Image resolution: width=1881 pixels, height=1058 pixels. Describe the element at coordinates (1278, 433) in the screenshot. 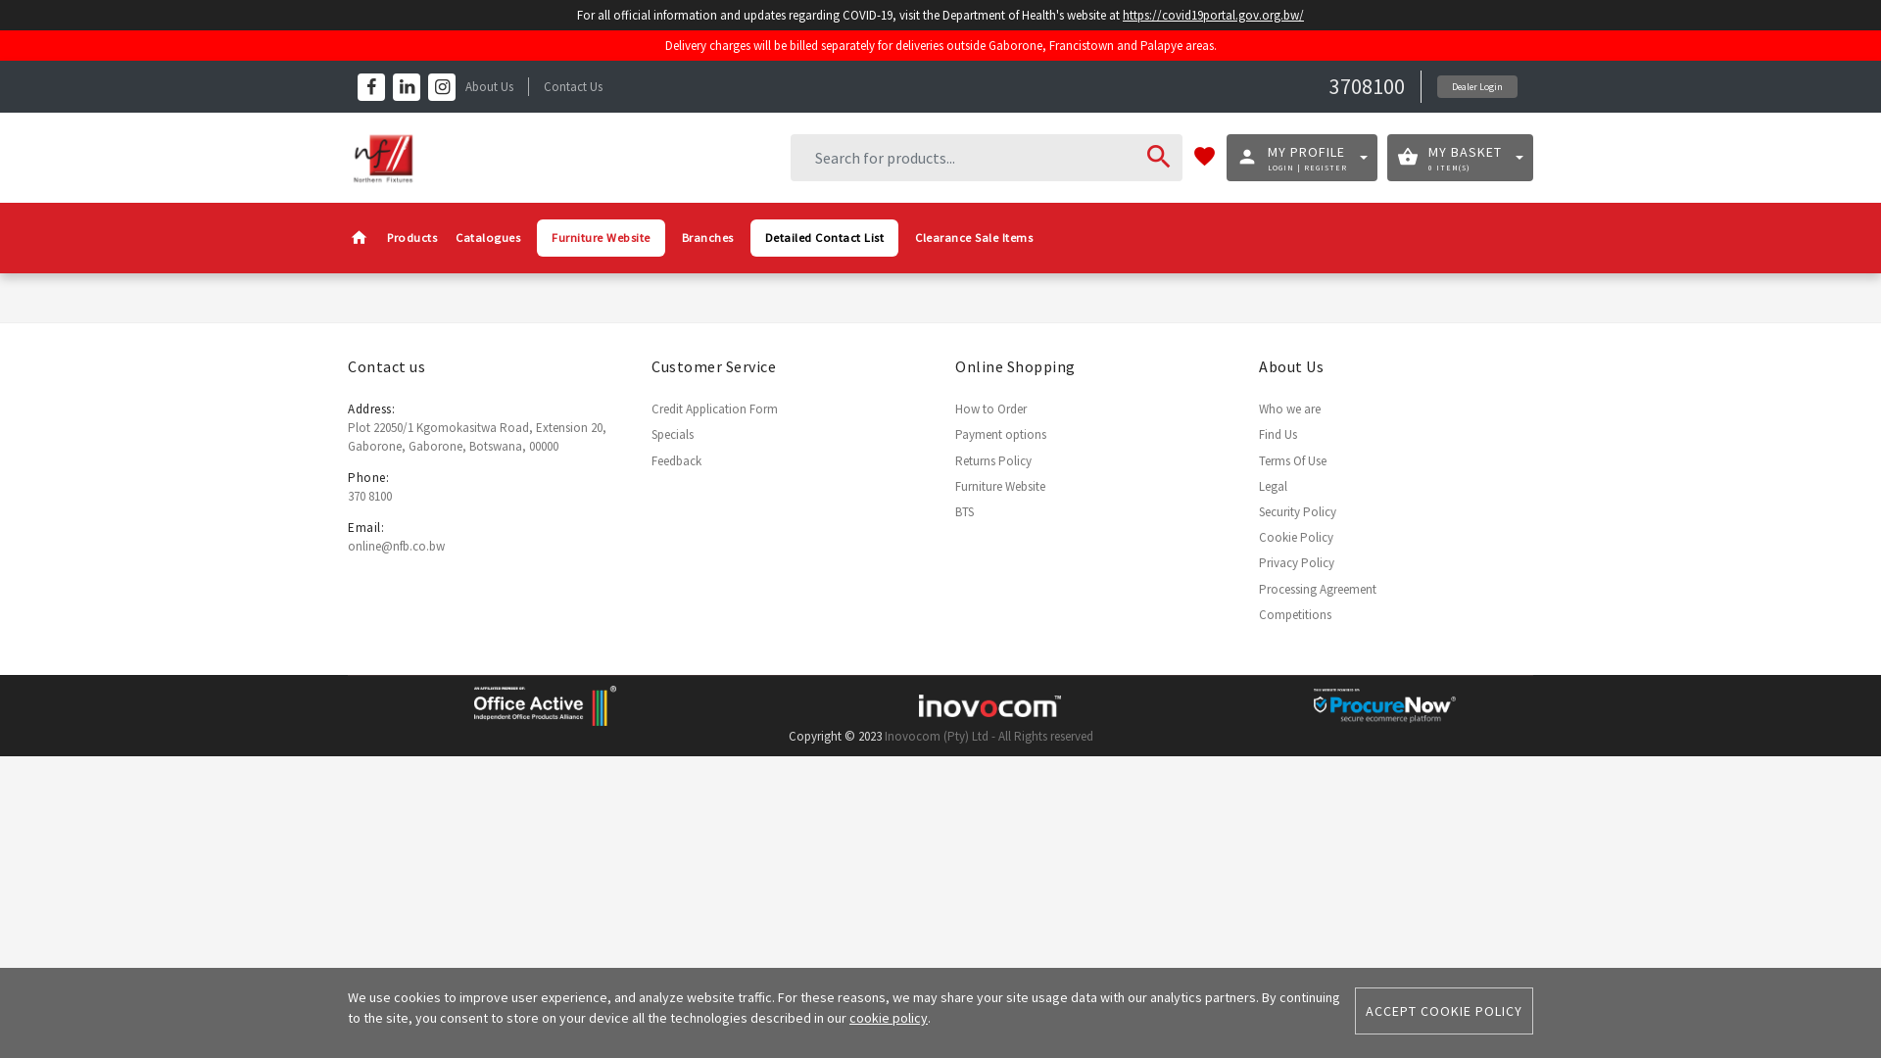

I see `'Find Us'` at that location.